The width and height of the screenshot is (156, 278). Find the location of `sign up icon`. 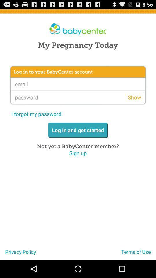

sign up icon is located at coordinates (78, 153).